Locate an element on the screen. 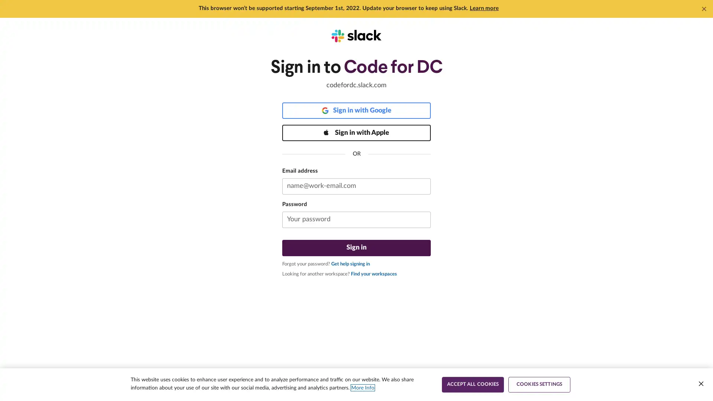  Sign in is located at coordinates (356, 248).